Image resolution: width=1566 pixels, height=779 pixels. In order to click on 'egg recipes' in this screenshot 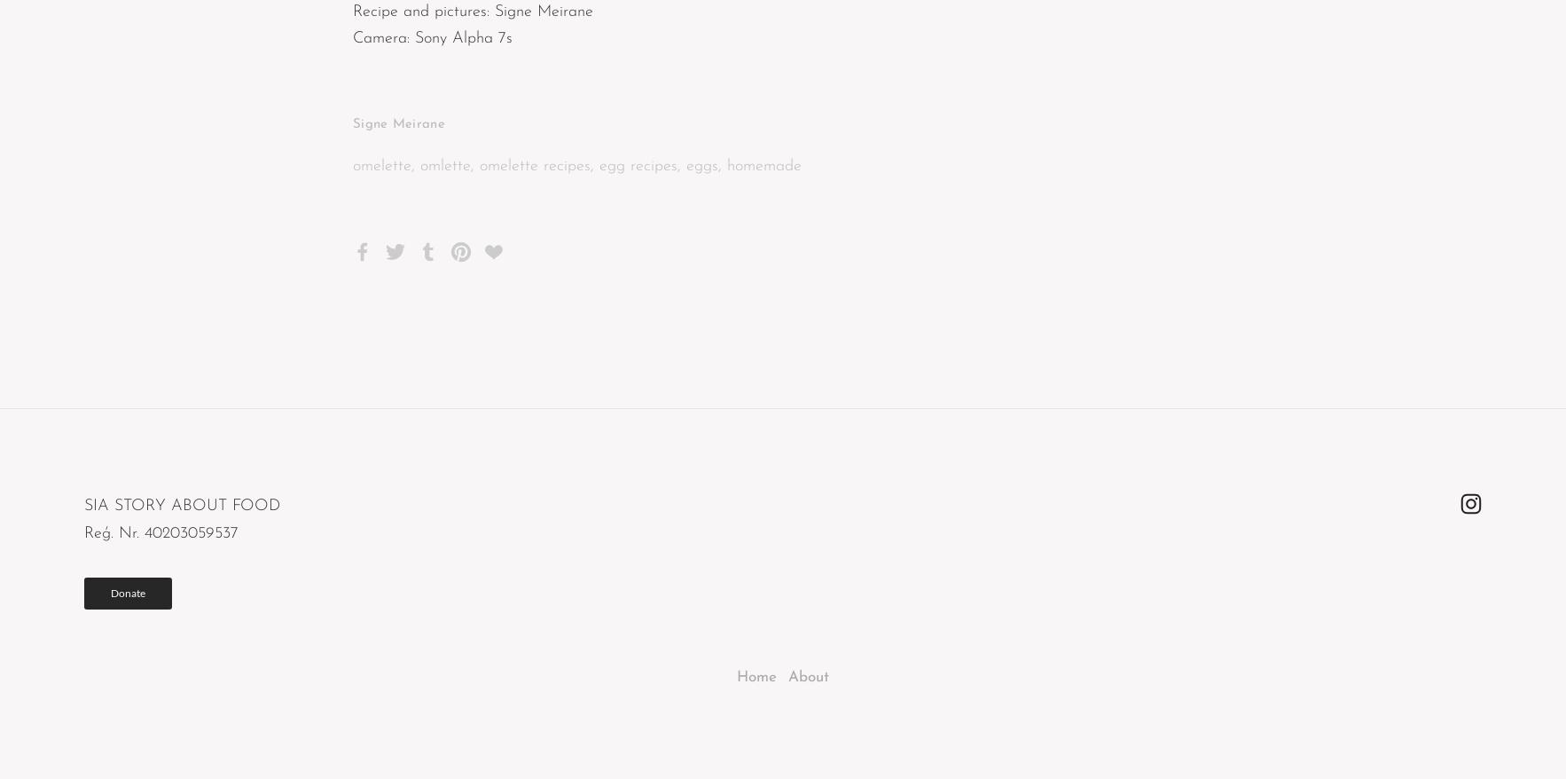, I will do `click(638, 164)`.